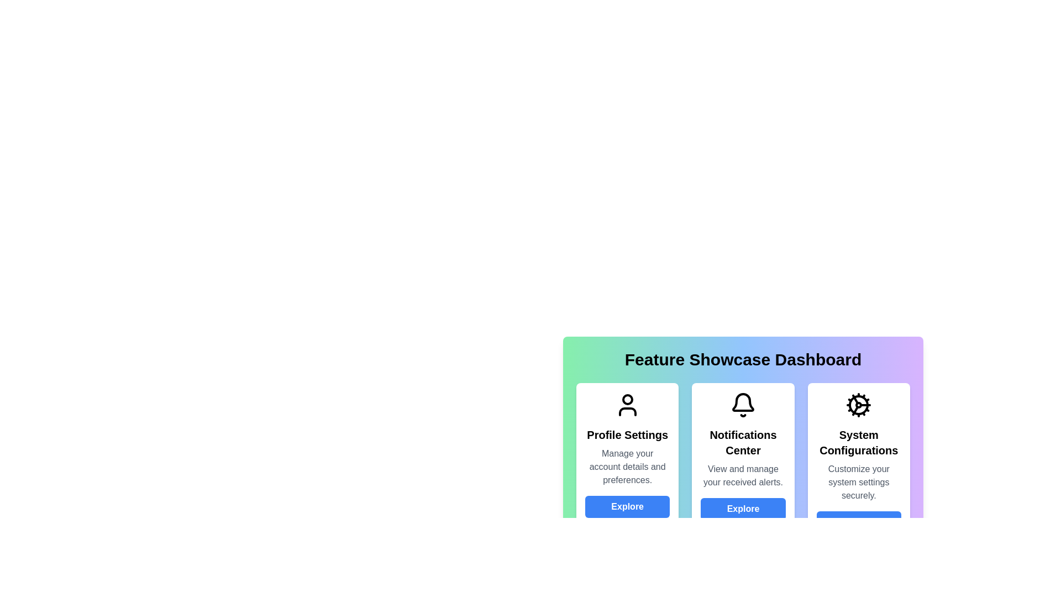 Image resolution: width=1061 pixels, height=597 pixels. What do you see at coordinates (858, 481) in the screenshot?
I see `text block containing the message 'Customize your system settings securely.' located below the heading 'System Configurations' and above the button labeled 'Explore.'` at bounding box center [858, 481].